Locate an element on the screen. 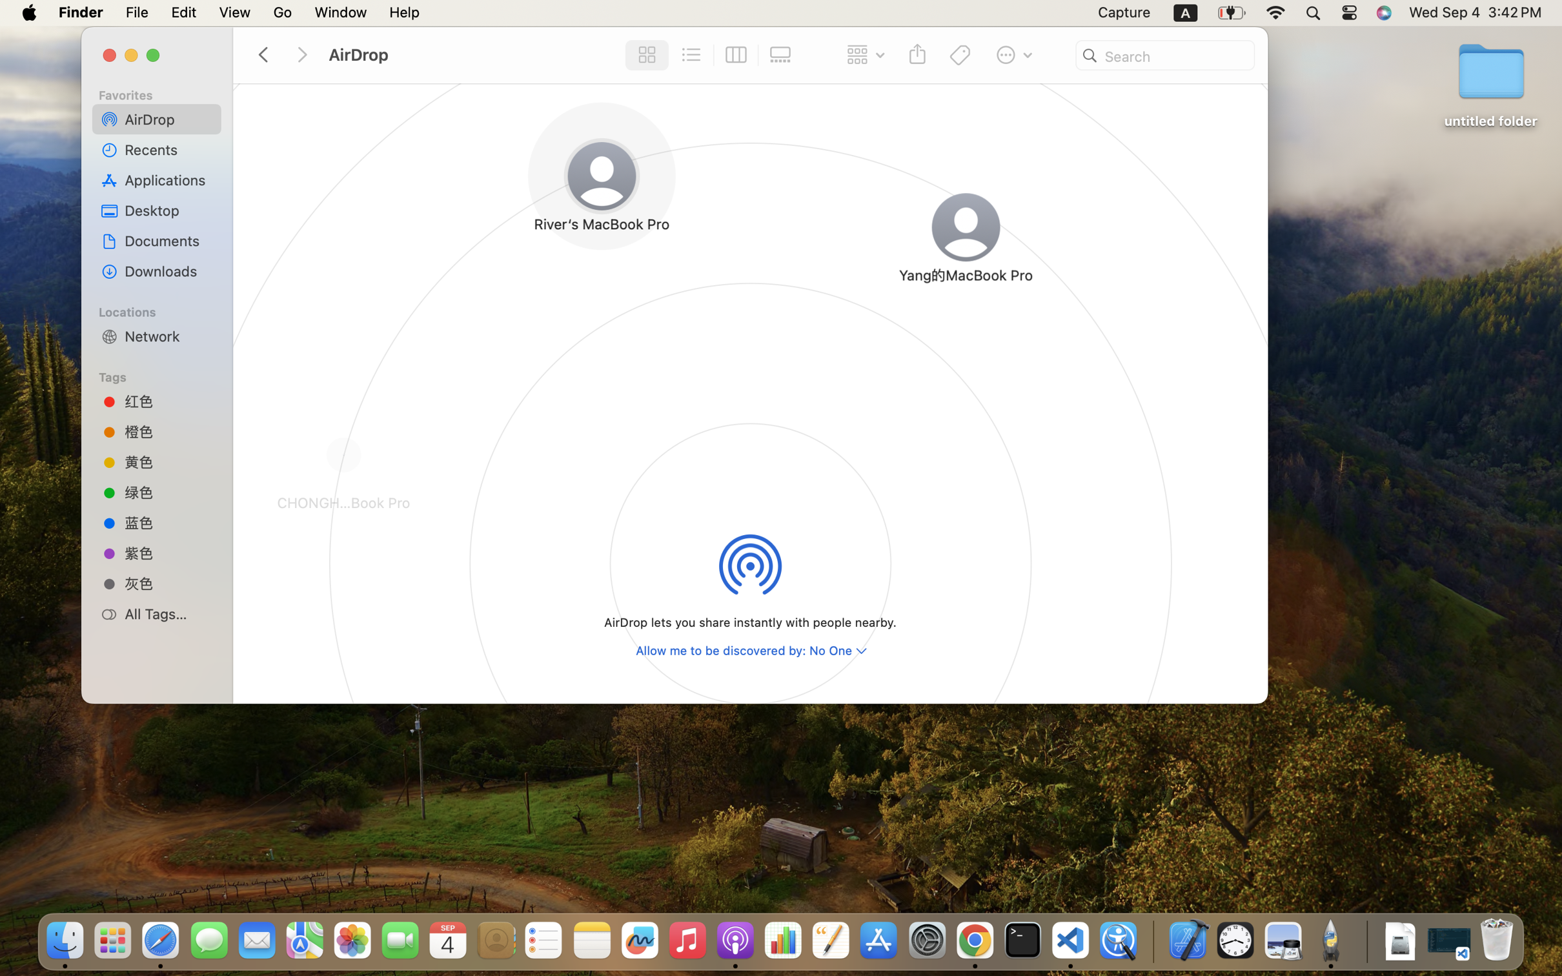 This screenshot has height=976, width=1562. '灰色' is located at coordinates (168, 584).